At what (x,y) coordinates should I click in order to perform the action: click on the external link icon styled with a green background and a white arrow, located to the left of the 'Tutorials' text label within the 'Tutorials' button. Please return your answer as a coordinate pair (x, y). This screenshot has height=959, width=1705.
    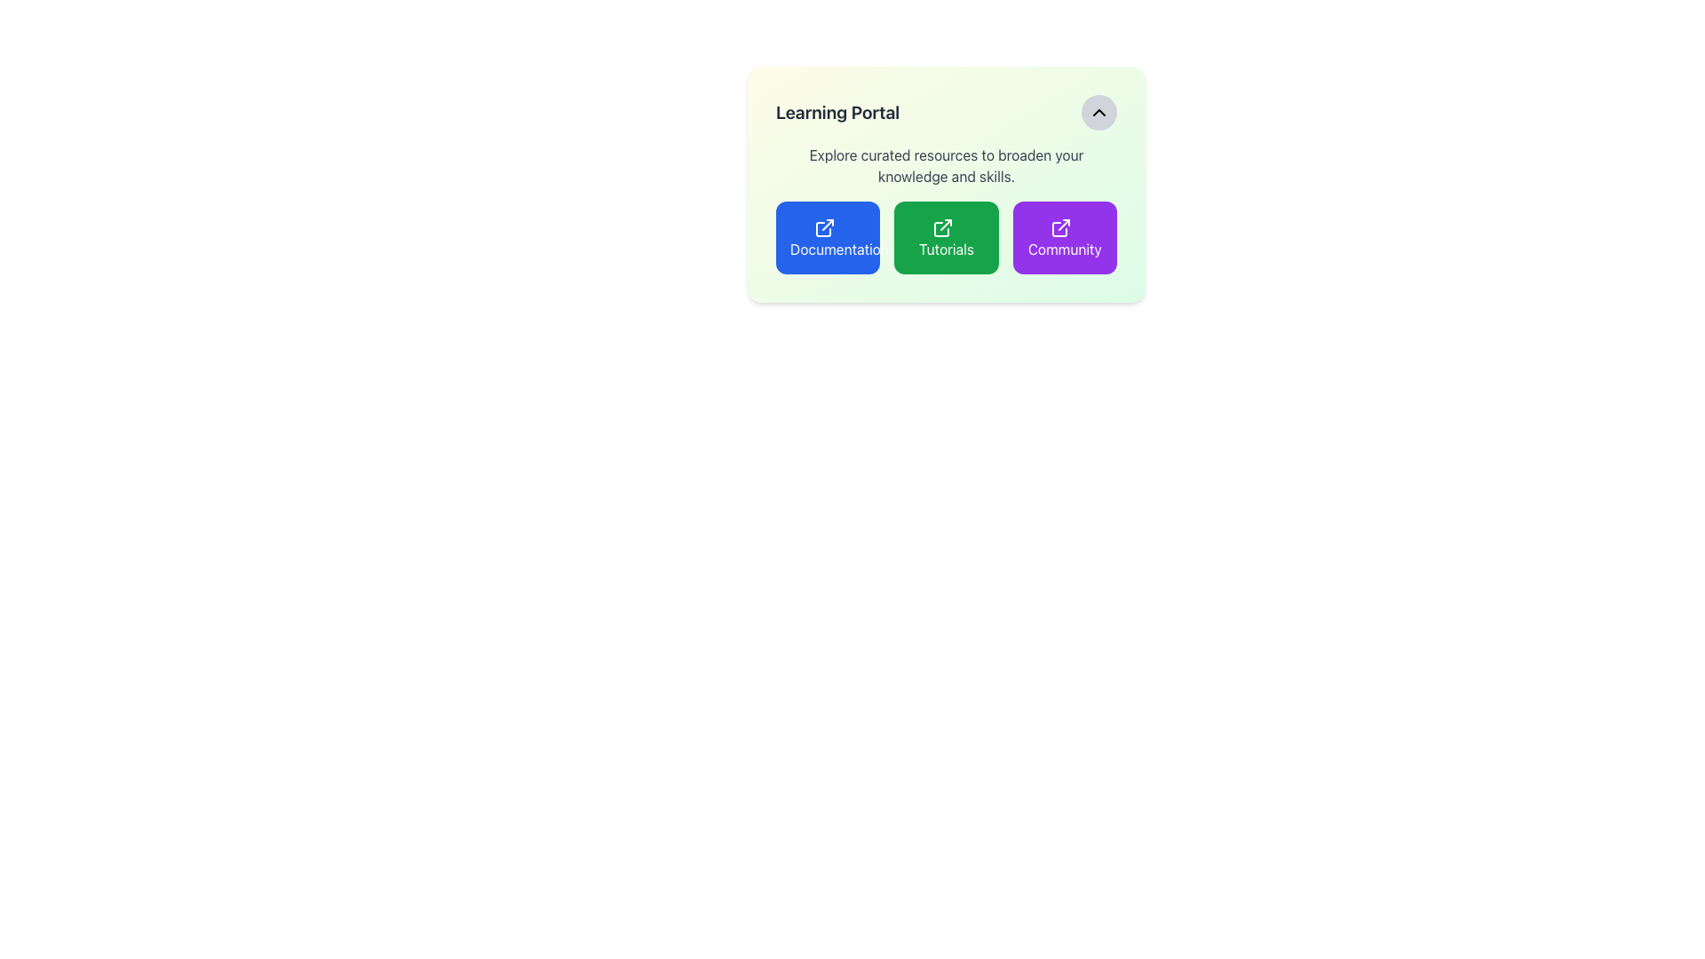
    Looking at the image, I should click on (941, 226).